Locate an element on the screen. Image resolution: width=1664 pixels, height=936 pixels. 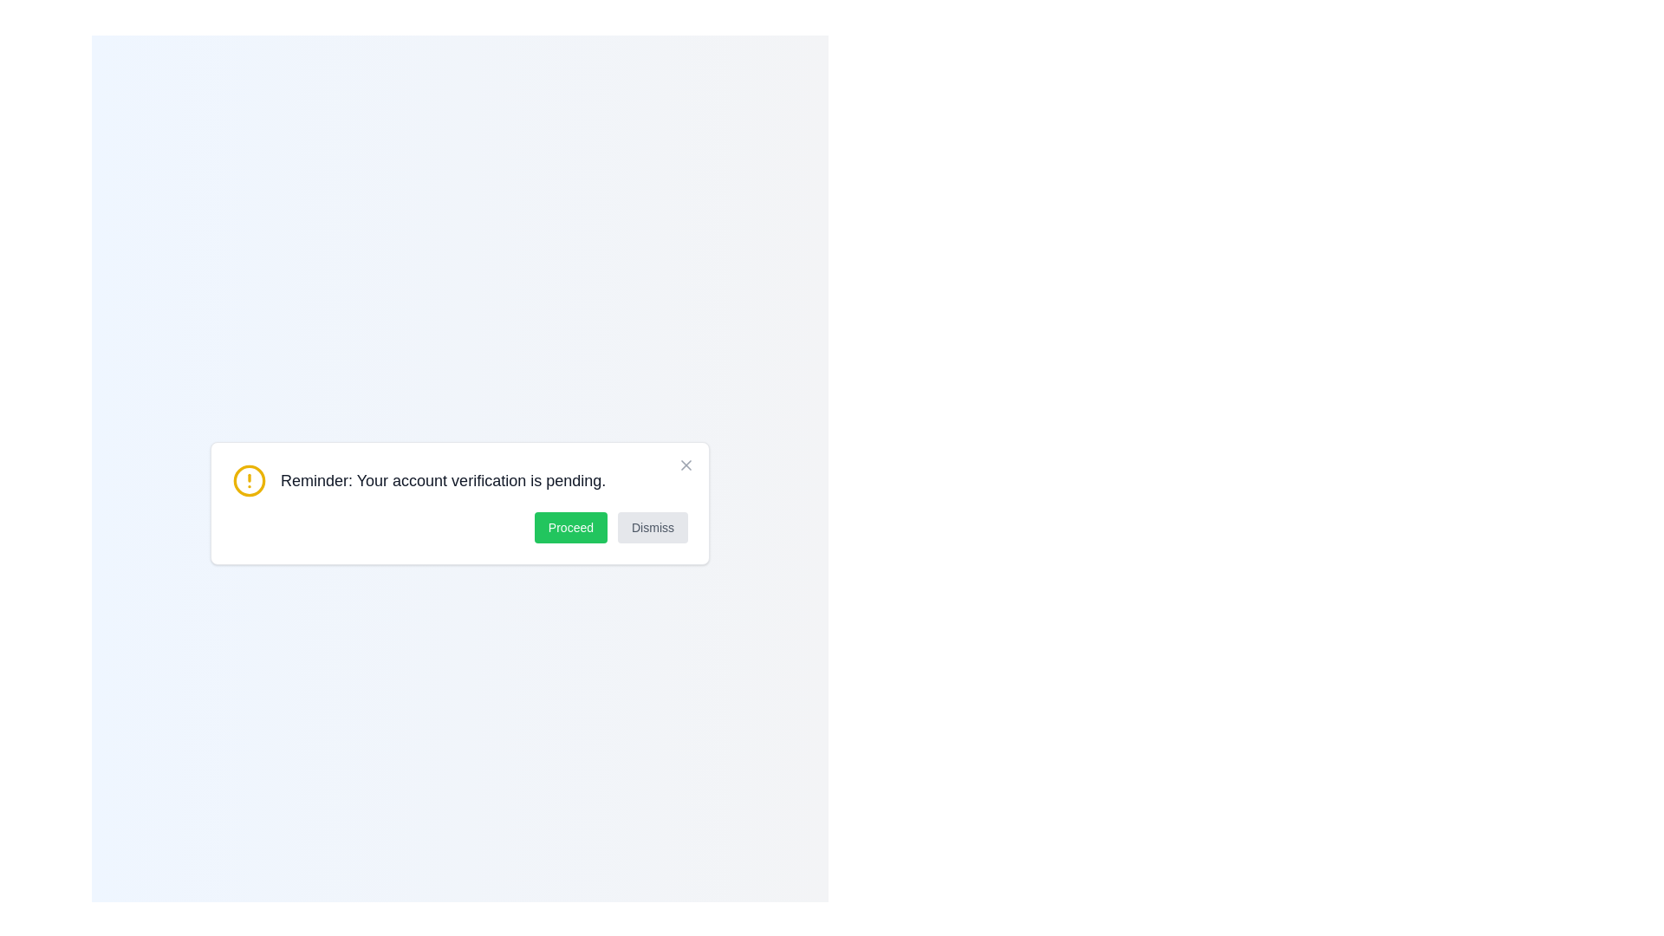
the yellow circular warning icon with an exclamation mark, which is positioned to the left of the 'Reminder: Your account verification is pending.' text is located at coordinates (249, 481).